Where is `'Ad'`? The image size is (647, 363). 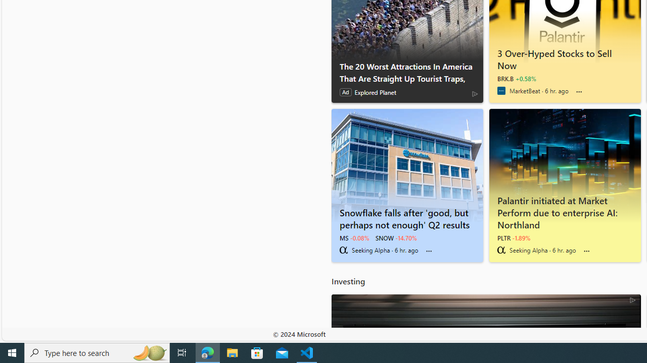 'Ad' is located at coordinates (345, 92).